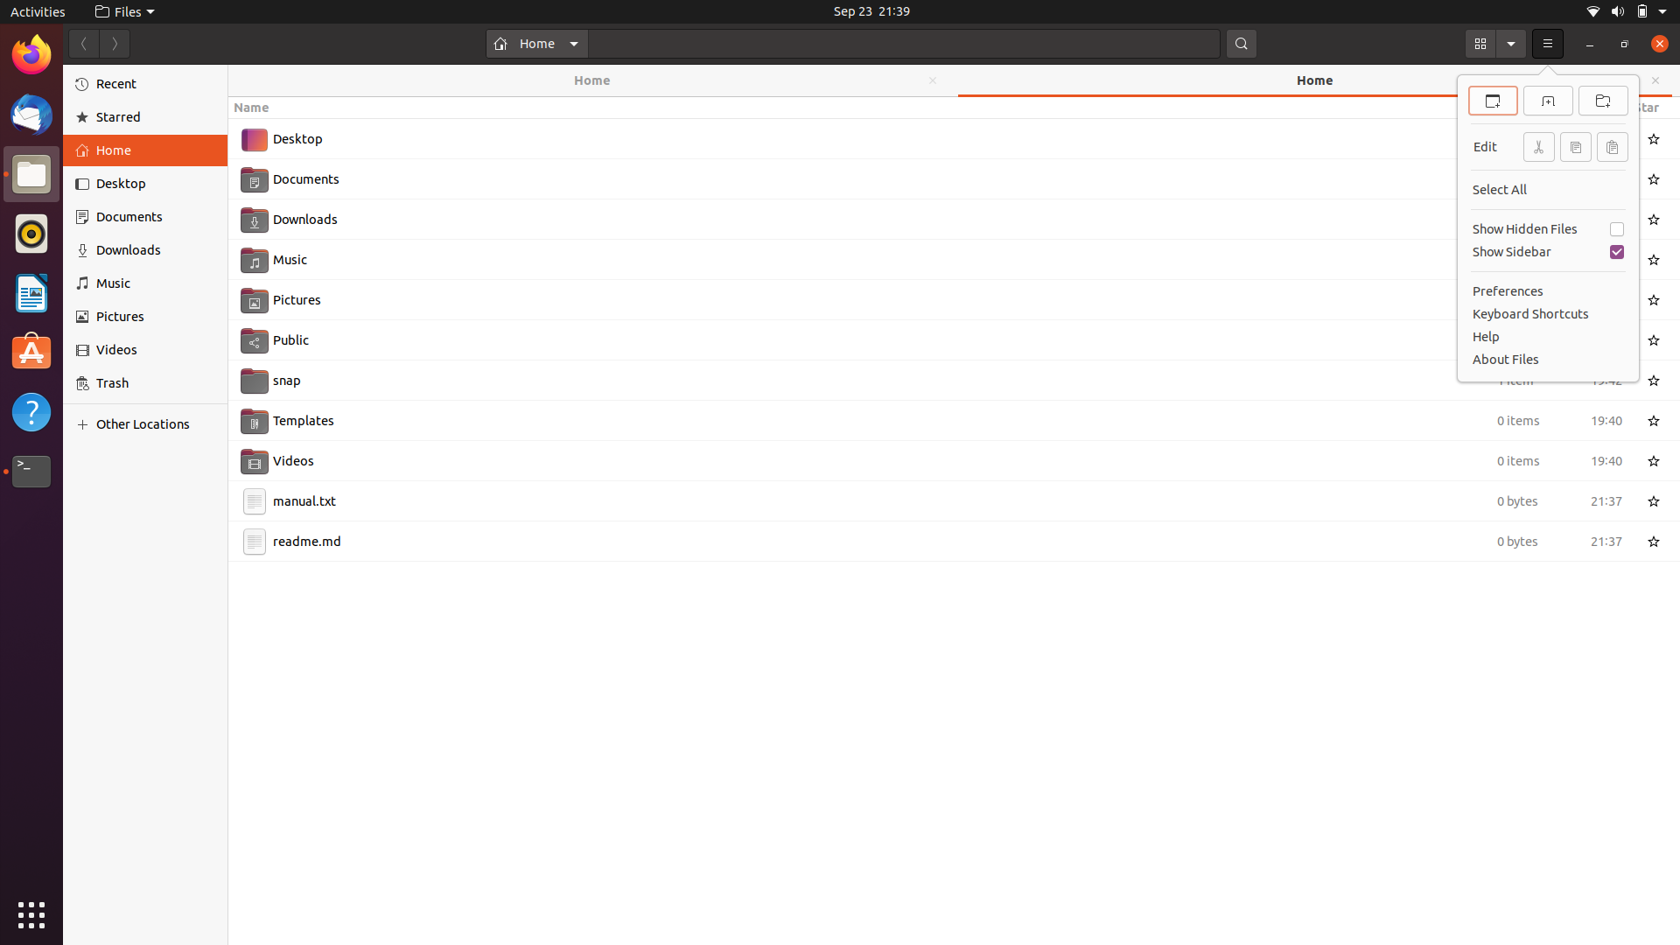  What do you see at coordinates (934, 539) in the screenshot?
I see `Use PyAutoGUI to rename the file called readme.md to README.md` at bounding box center [934, 539].